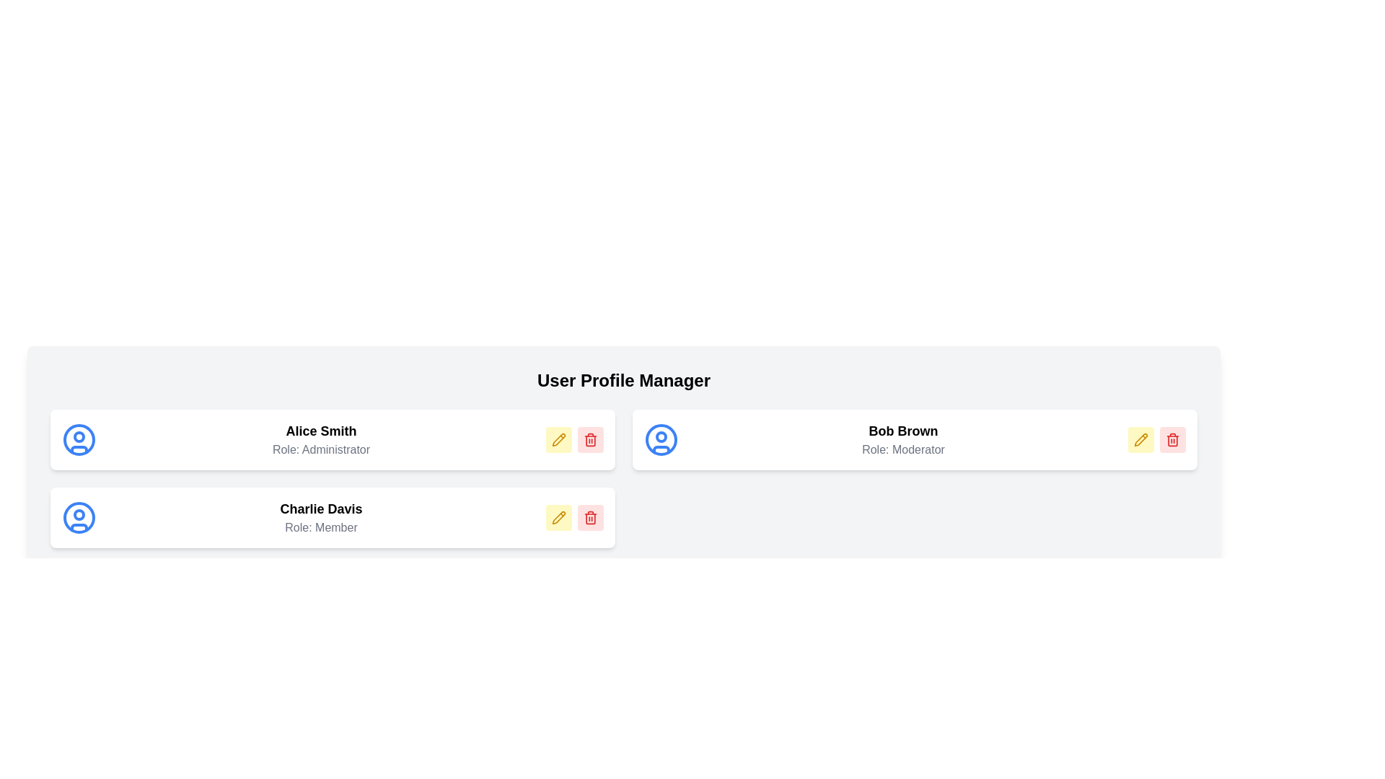  I want to click on the button that initiates editing the details of Charlie Davis' user profile, so click(558, 516).